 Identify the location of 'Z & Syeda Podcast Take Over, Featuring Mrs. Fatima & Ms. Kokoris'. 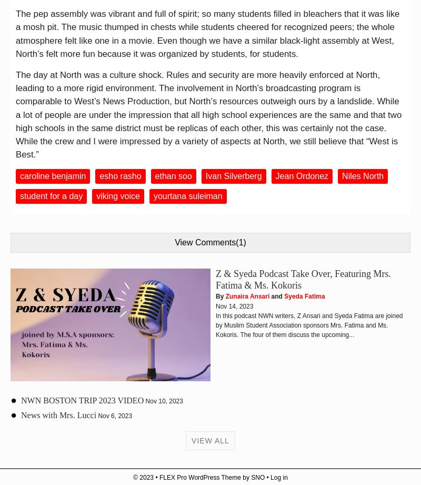
(303, 279).